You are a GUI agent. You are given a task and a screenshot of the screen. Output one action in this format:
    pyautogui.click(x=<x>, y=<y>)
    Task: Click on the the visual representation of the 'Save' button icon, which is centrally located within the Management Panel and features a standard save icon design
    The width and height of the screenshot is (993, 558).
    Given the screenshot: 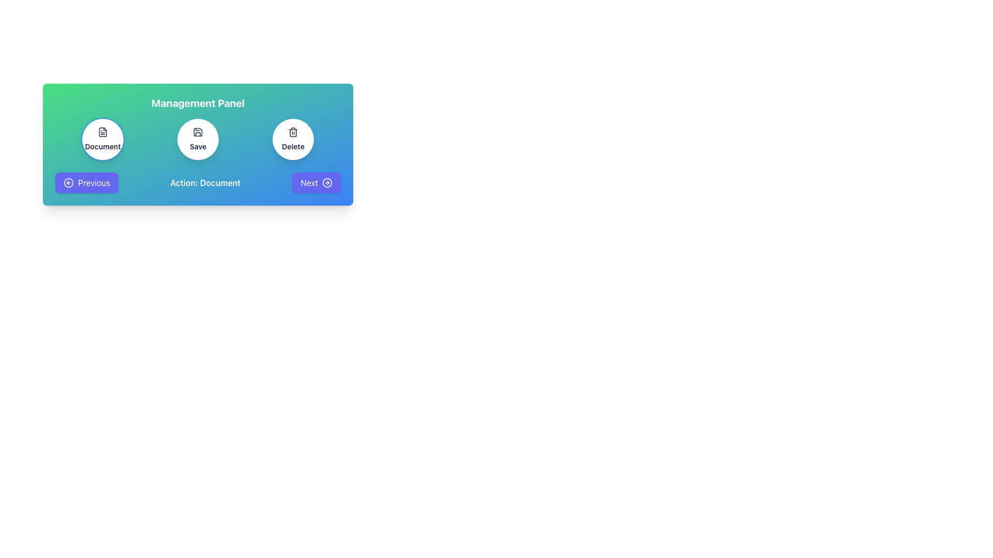 What is the action you would take?
    pyautogui.click(x=198, y=131)
    